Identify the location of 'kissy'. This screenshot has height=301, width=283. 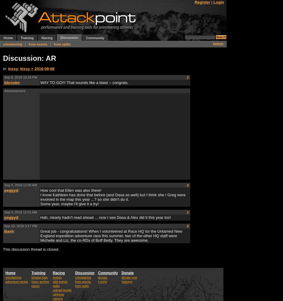
(8, 68).